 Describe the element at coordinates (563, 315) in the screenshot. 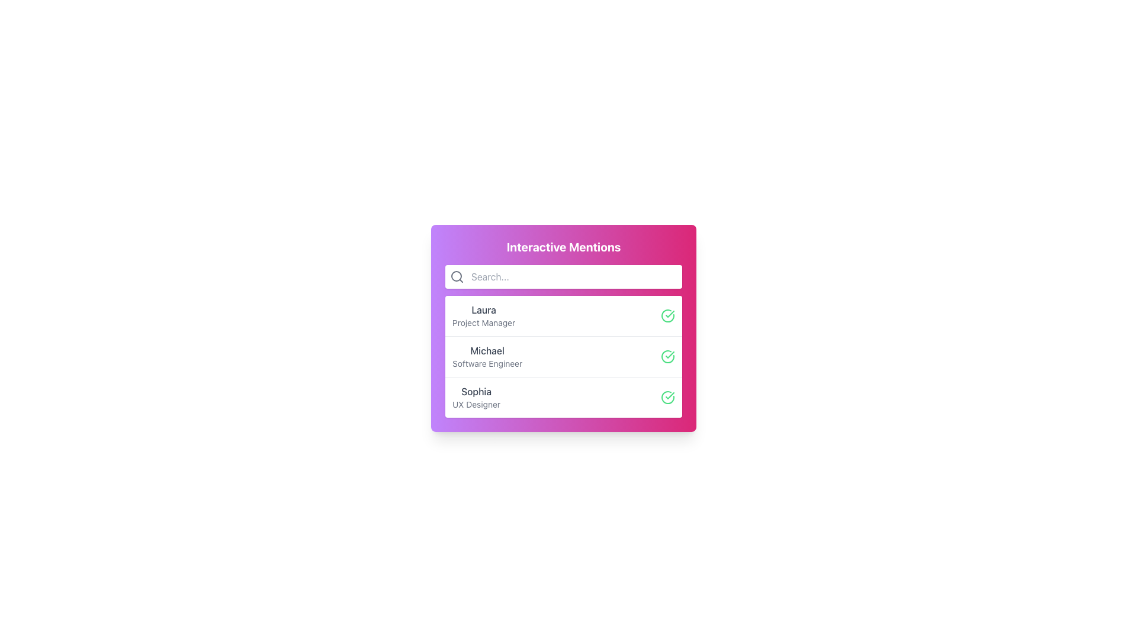

I see `the profile list item for 'Laura', the first item in the list` at that location.